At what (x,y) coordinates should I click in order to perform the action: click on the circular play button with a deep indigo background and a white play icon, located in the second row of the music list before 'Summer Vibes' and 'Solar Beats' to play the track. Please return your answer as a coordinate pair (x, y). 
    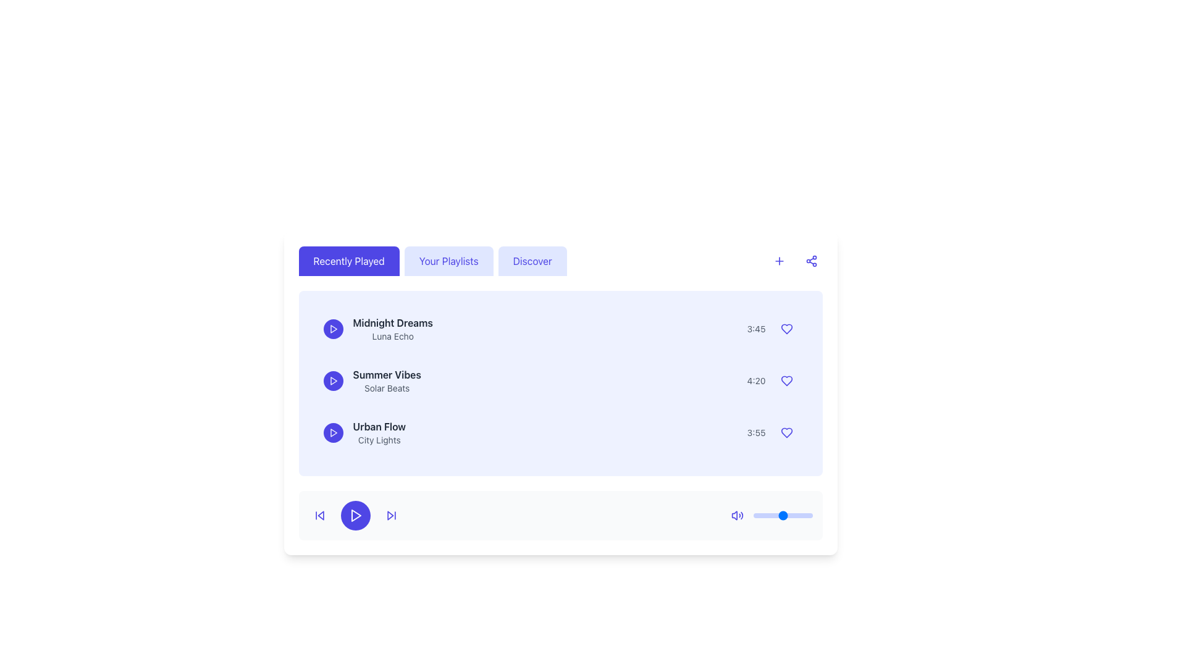
    Looking at the image, I should click on (333, 380).